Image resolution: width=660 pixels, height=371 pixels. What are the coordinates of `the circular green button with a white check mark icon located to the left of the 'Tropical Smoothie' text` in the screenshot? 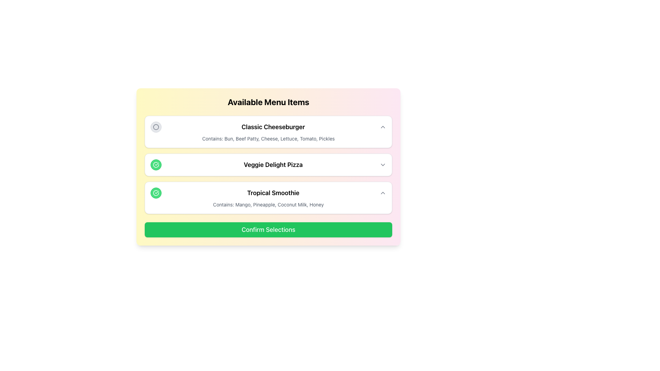 It's located at (156, 193).